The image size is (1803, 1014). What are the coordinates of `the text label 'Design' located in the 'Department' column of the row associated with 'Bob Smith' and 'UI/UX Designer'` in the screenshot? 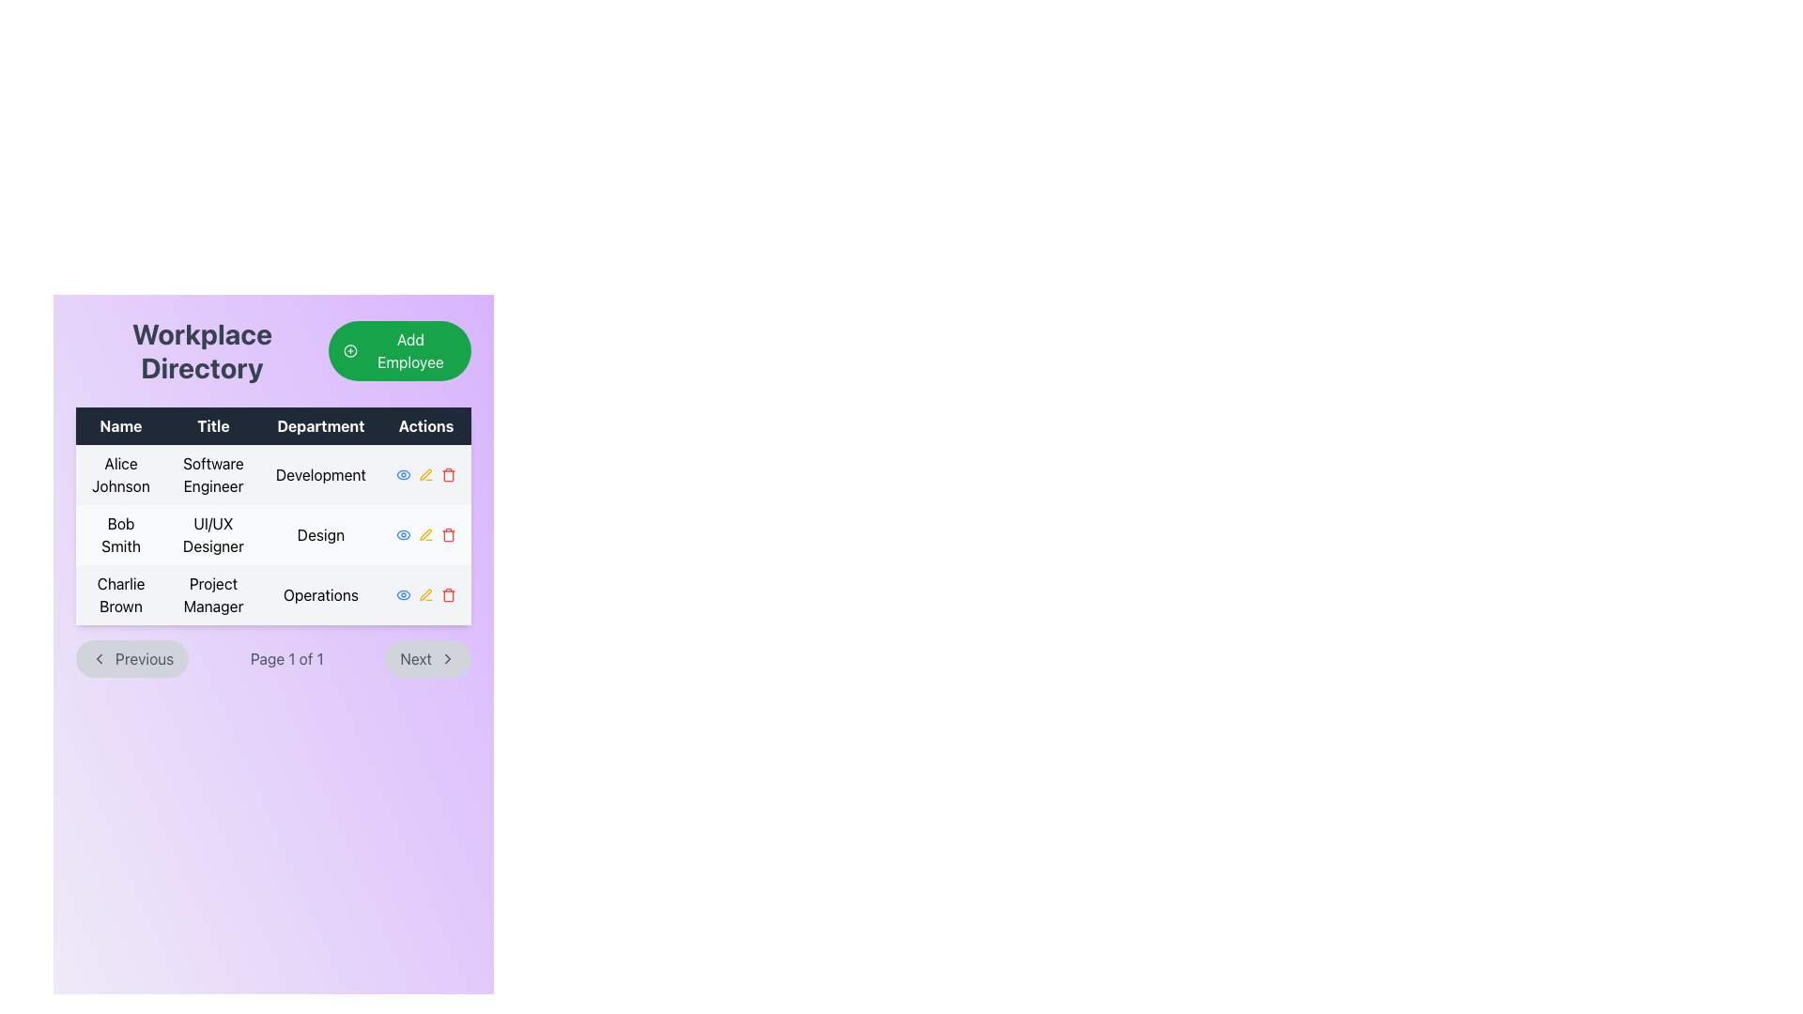 It's located at (320, 535).